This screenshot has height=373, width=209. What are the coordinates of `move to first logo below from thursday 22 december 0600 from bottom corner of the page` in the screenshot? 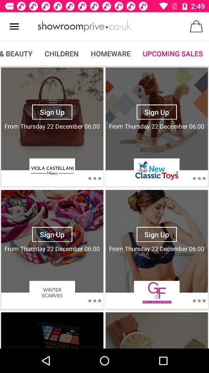 It's located at (157, 292).